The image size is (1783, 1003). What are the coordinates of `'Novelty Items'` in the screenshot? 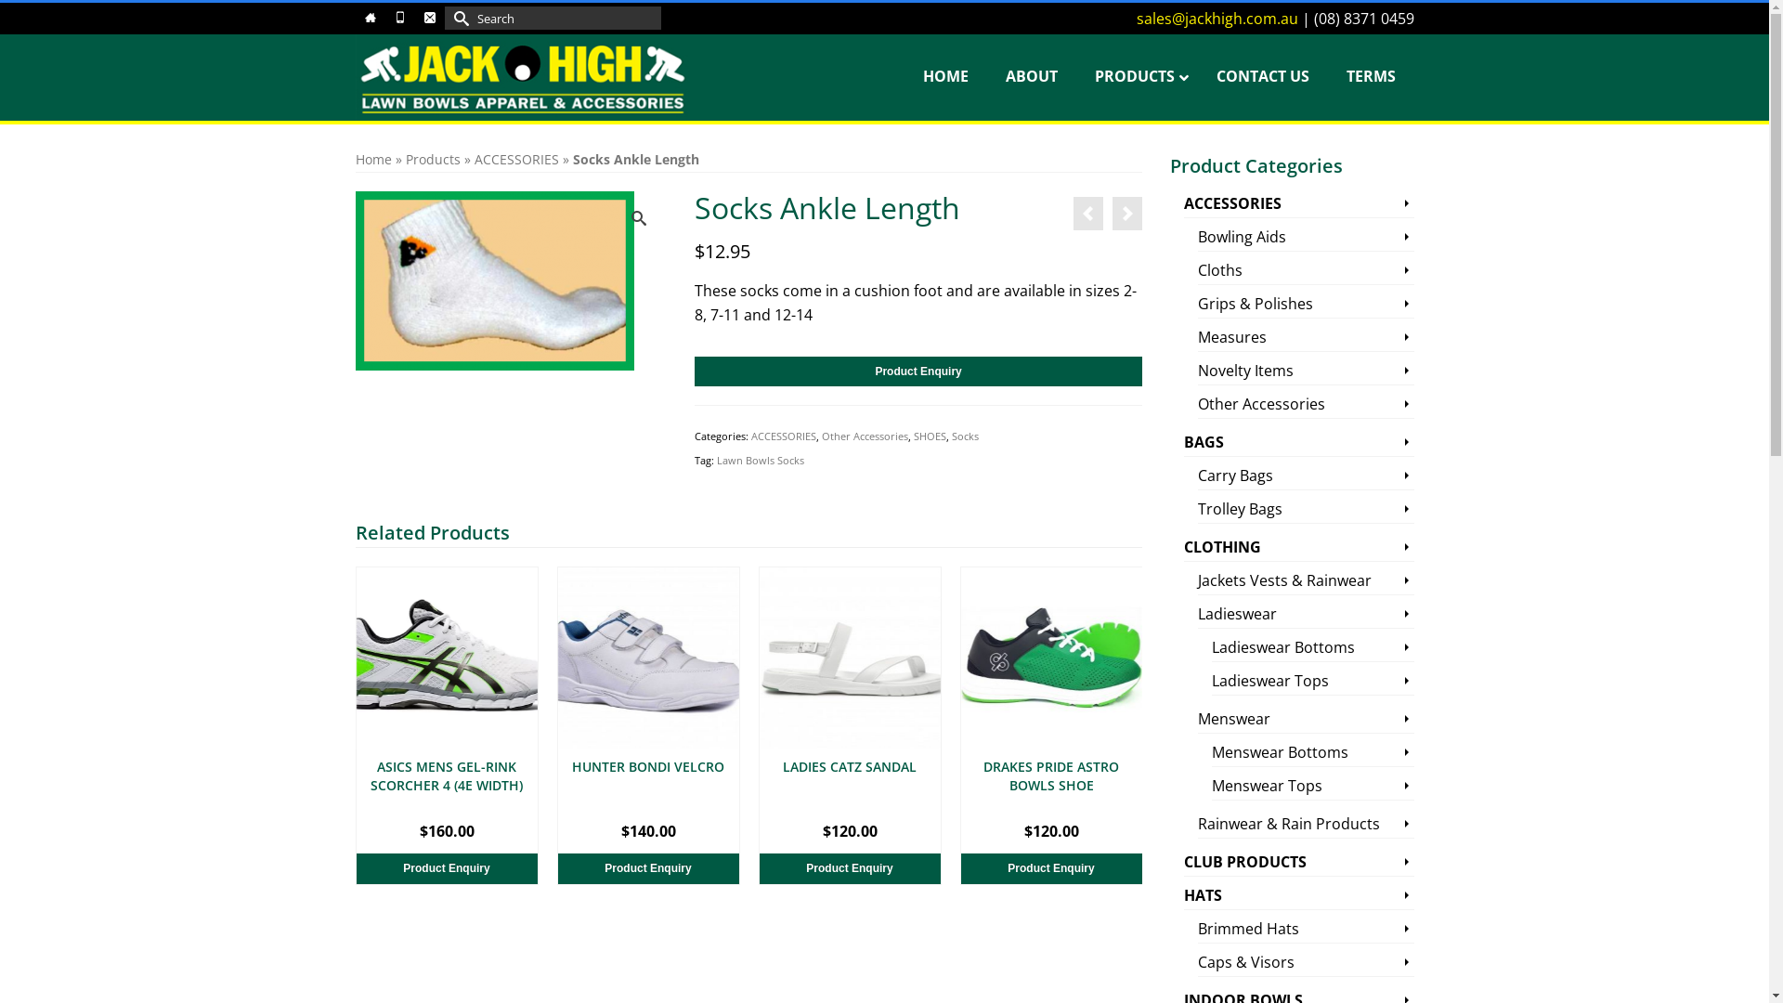 It's located at (1305, 371).